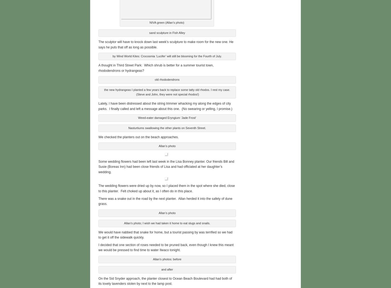 This screenshot has width=391, height=288. I want to click on 'Allan’s photos: before', so click(153, 258).